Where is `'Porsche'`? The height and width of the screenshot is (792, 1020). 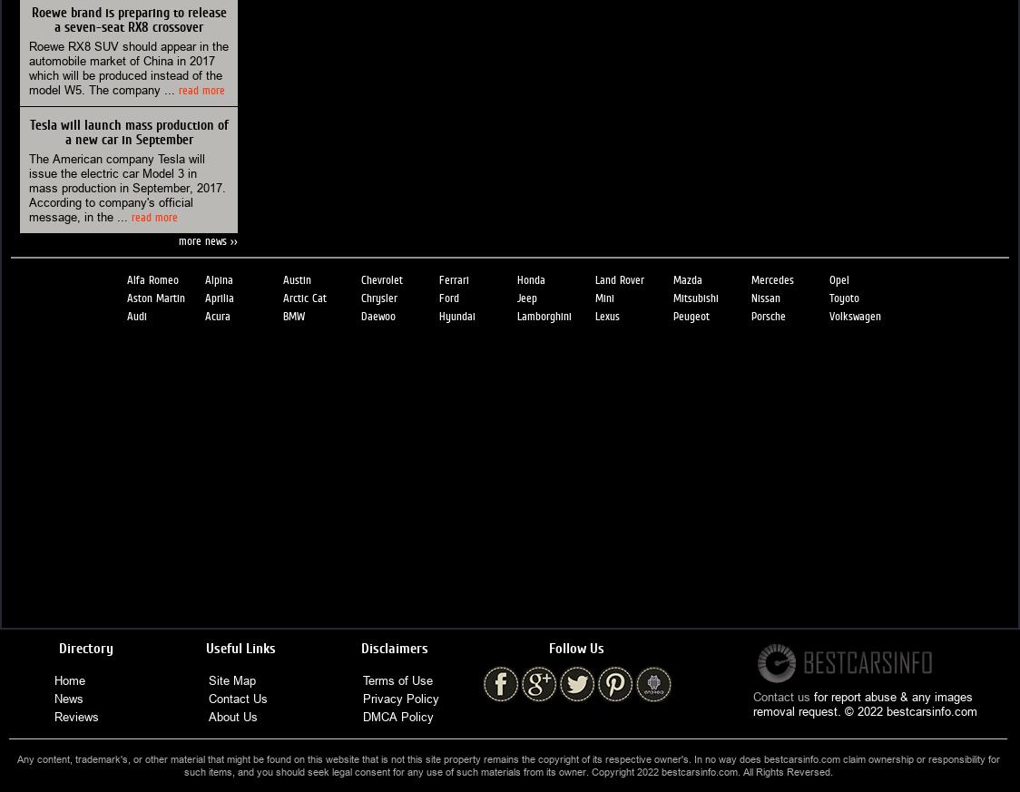 'Porsche' is located at coordinates (768, 315).